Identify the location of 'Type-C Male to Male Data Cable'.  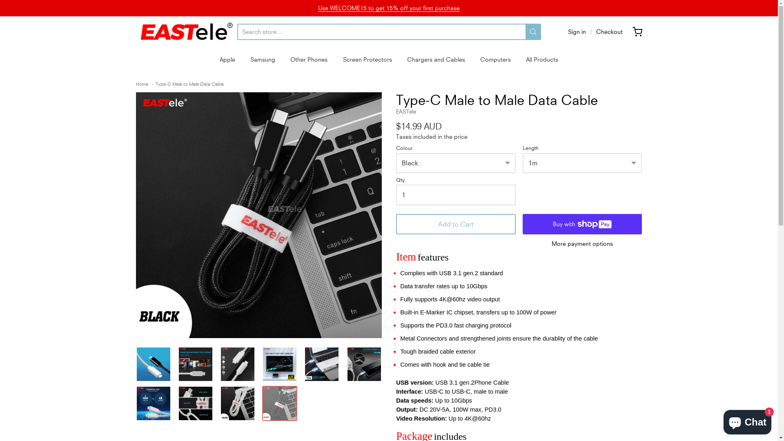
(135, 403).